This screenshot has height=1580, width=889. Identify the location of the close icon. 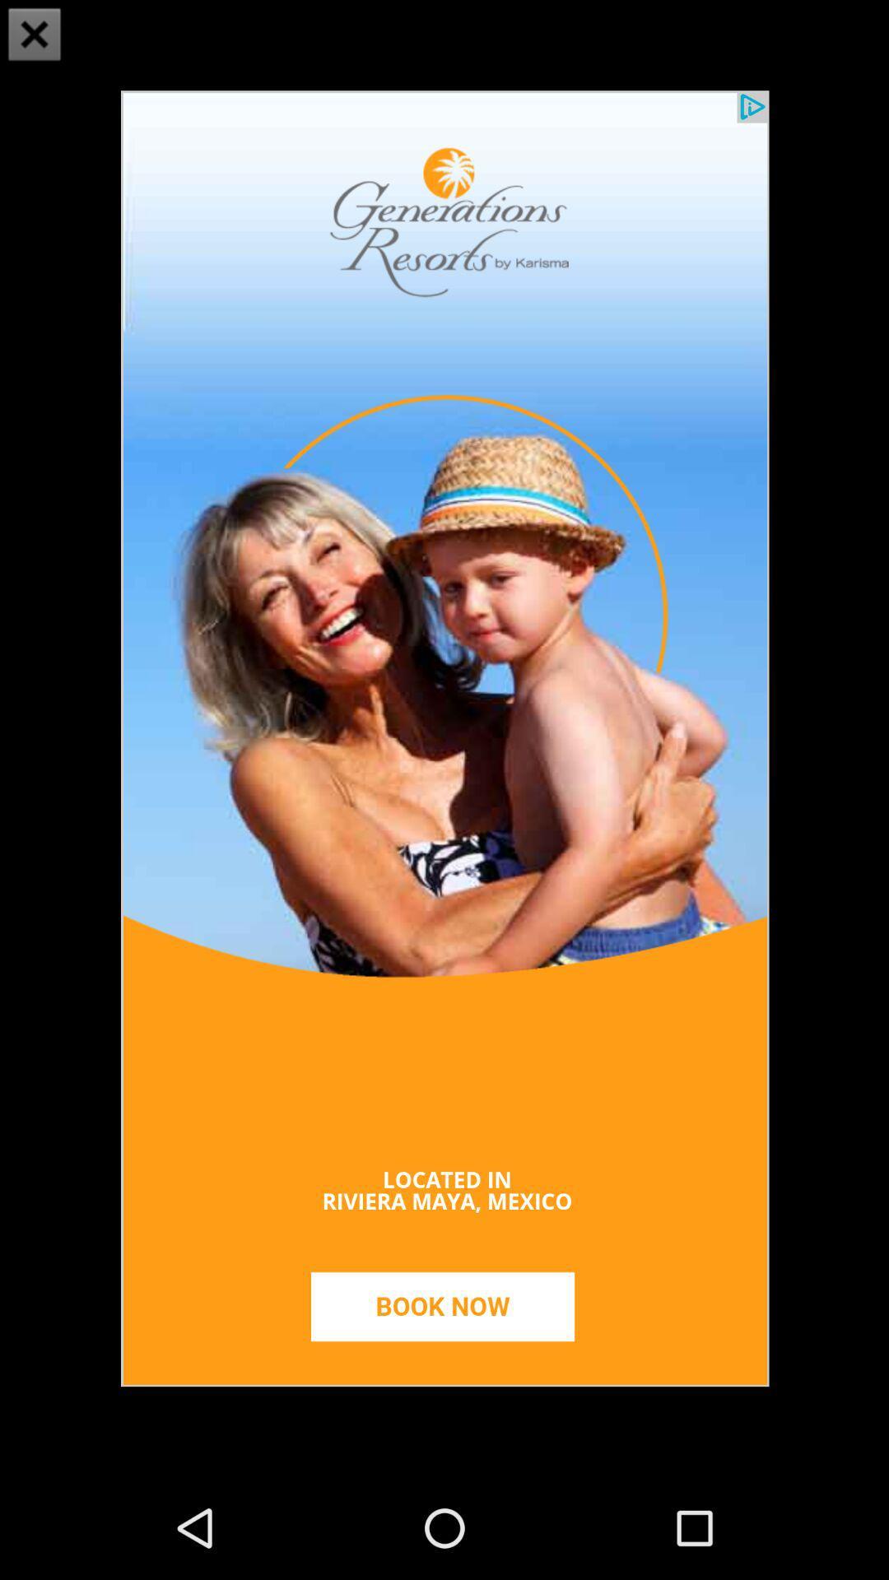
(35, 36).